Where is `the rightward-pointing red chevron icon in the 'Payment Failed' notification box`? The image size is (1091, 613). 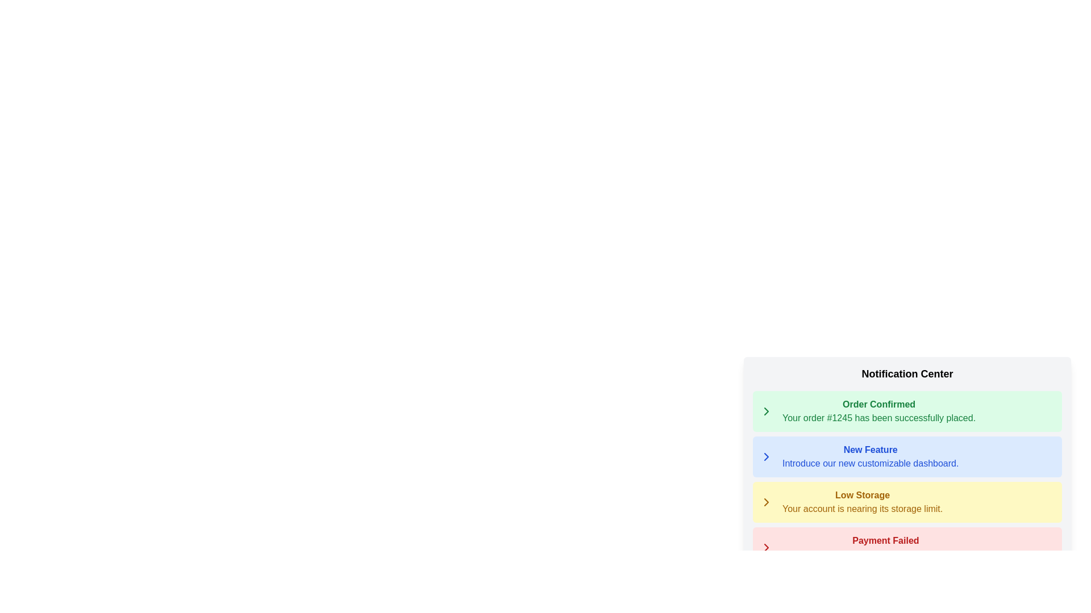
the rightward-pointing red chevron icon in the 'Payment Failed' notification box is located at coordinates (766, 547).